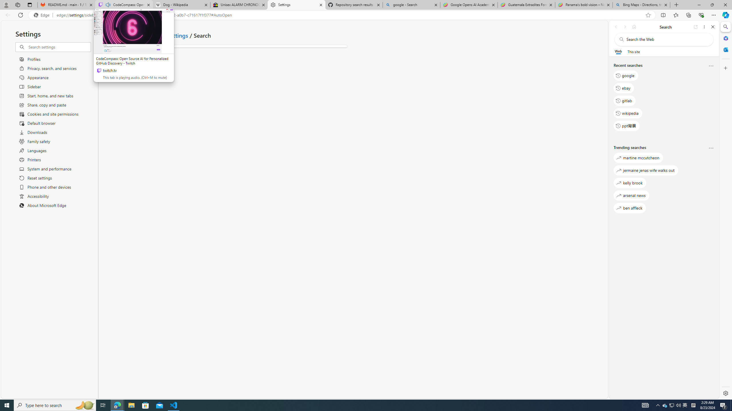 The width and height of the screenshot is (732, 411). Describe the element at coordinates (624, 27) in the screenshot. I see `'Forward'` at that location.